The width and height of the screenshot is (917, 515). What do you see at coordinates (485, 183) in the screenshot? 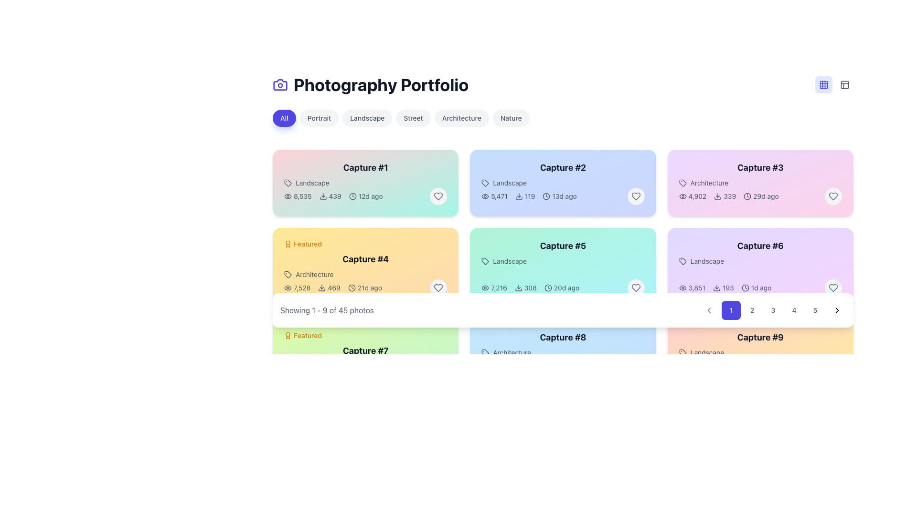
I see `the small tag icon, which is styled with SVG and positioned to the left of the word 'Landscape' in the details of the second photo card in the second row of the portfolio grid` at bounding box center [485, 183].